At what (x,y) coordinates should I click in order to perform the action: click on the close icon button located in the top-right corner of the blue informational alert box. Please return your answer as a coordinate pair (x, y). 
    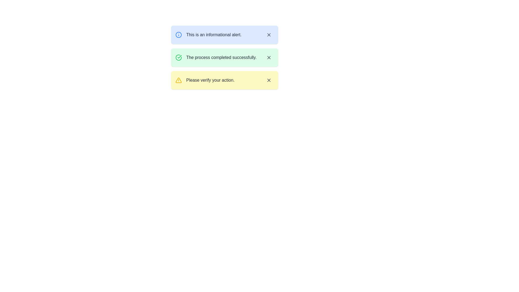
    Looking at the image, I should click on (269, 35).